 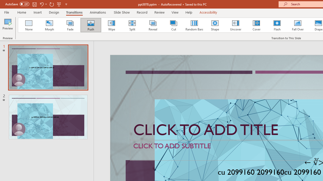 I want to click on 'Morph', so click(x=49, y=25).